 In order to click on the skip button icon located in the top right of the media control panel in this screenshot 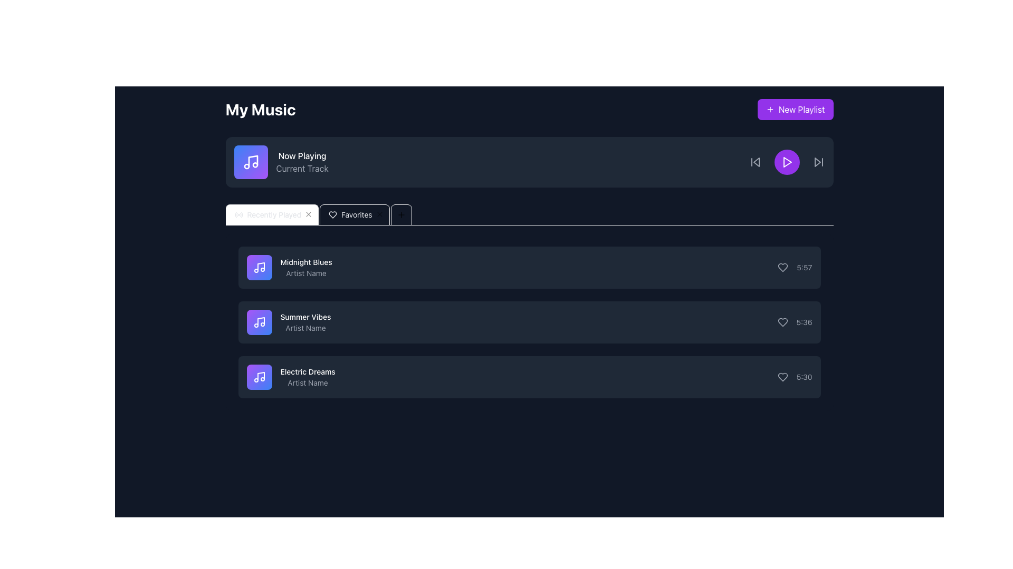, I will do `click(818, 162)`.